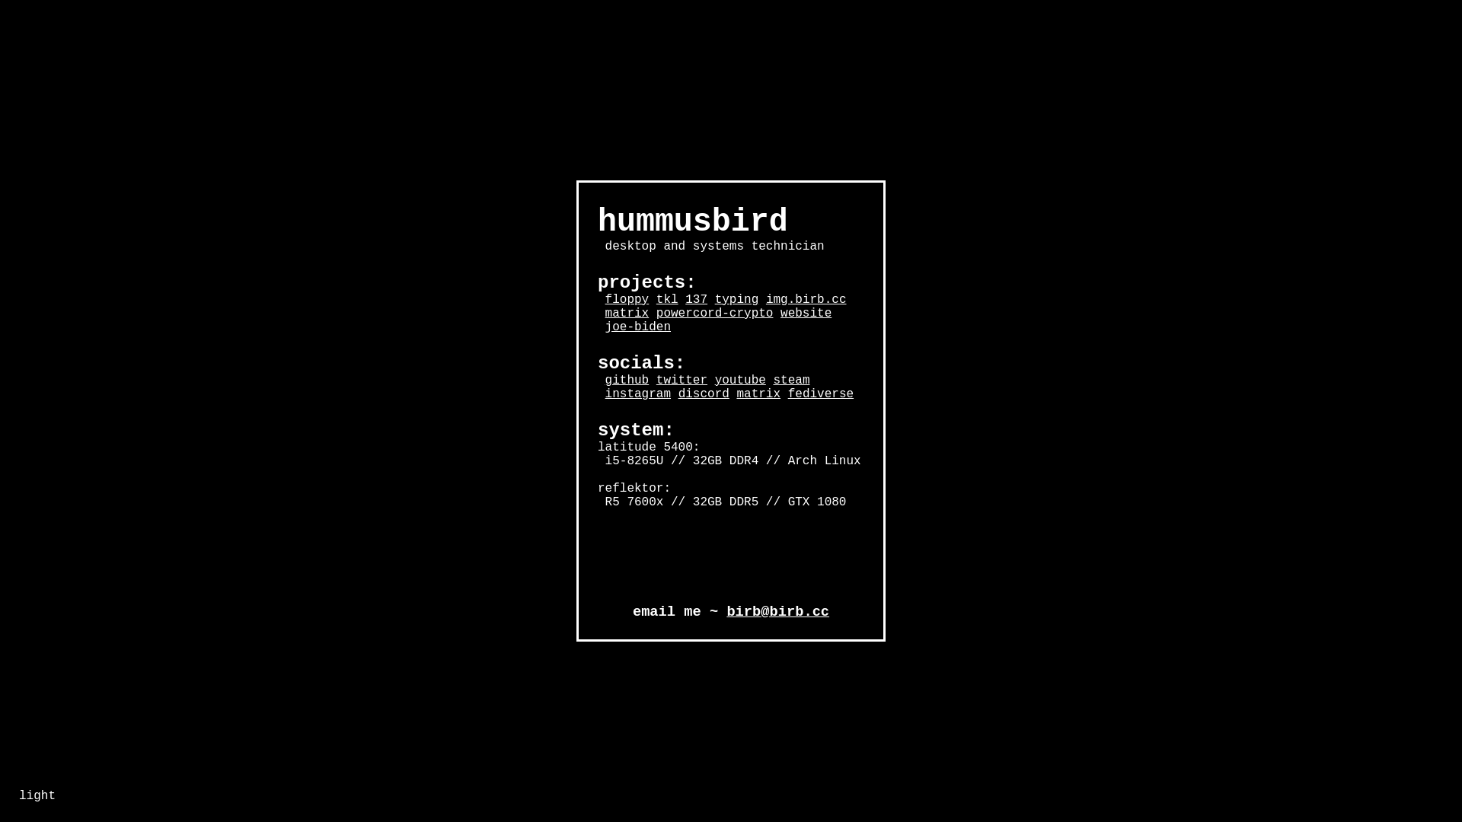  What do you see at coordinates (714, 380) in the screenshot?
I see `'youtube'` at bounding box center [714, 380].